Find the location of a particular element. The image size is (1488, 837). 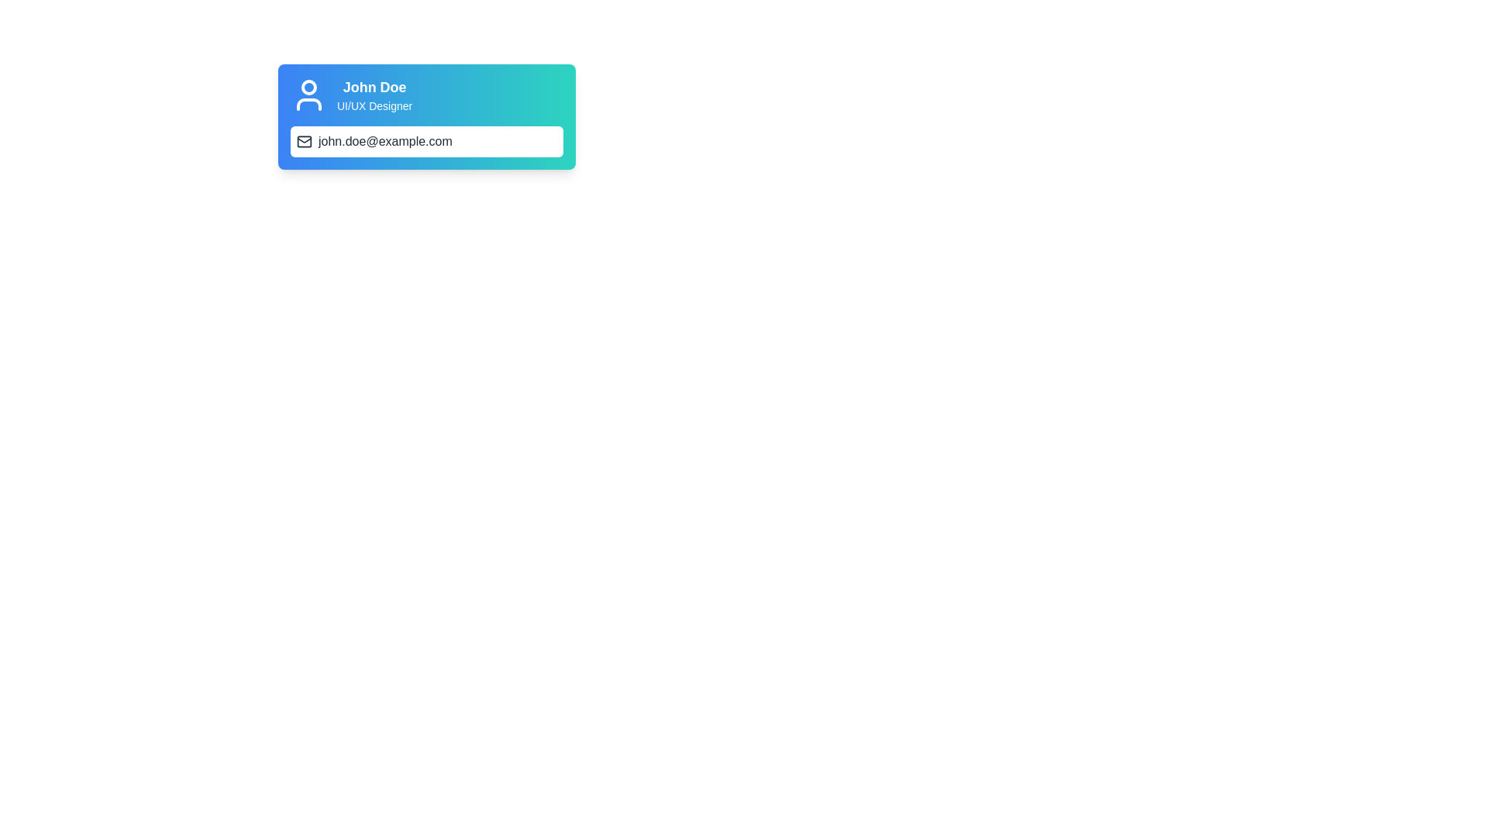

the envelope icon located in the email section of the profile card to focus on the email address 'john.doe@example.com' is located at coordinates (305, 141).